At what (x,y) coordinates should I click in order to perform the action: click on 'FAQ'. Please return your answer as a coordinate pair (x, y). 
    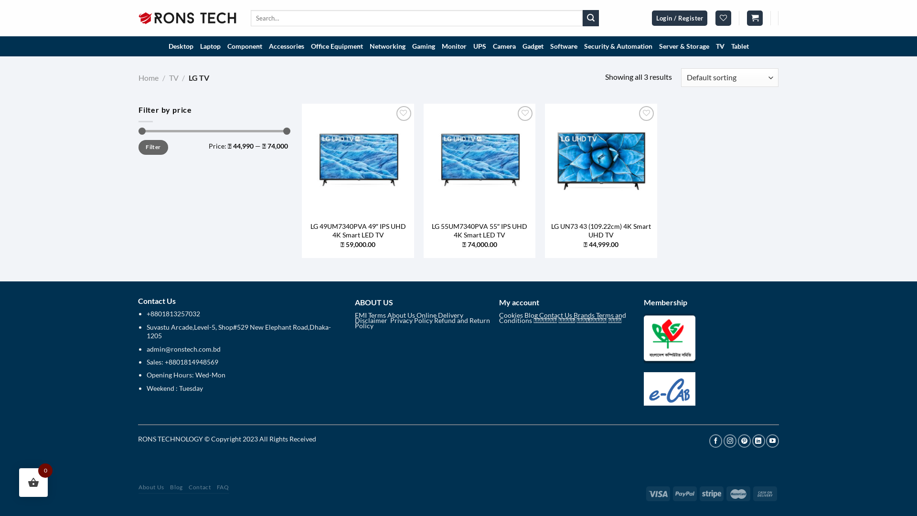
    Looking at the image, I should click on (222, 487).